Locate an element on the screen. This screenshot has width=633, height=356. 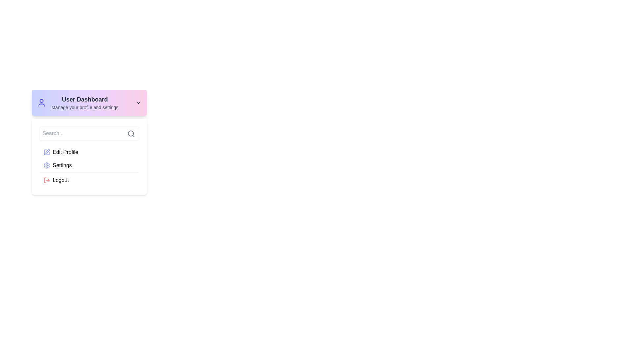
the 'Edit Profile' icon located before the 'Edit Profile' text is located at coordinates (46, 152).